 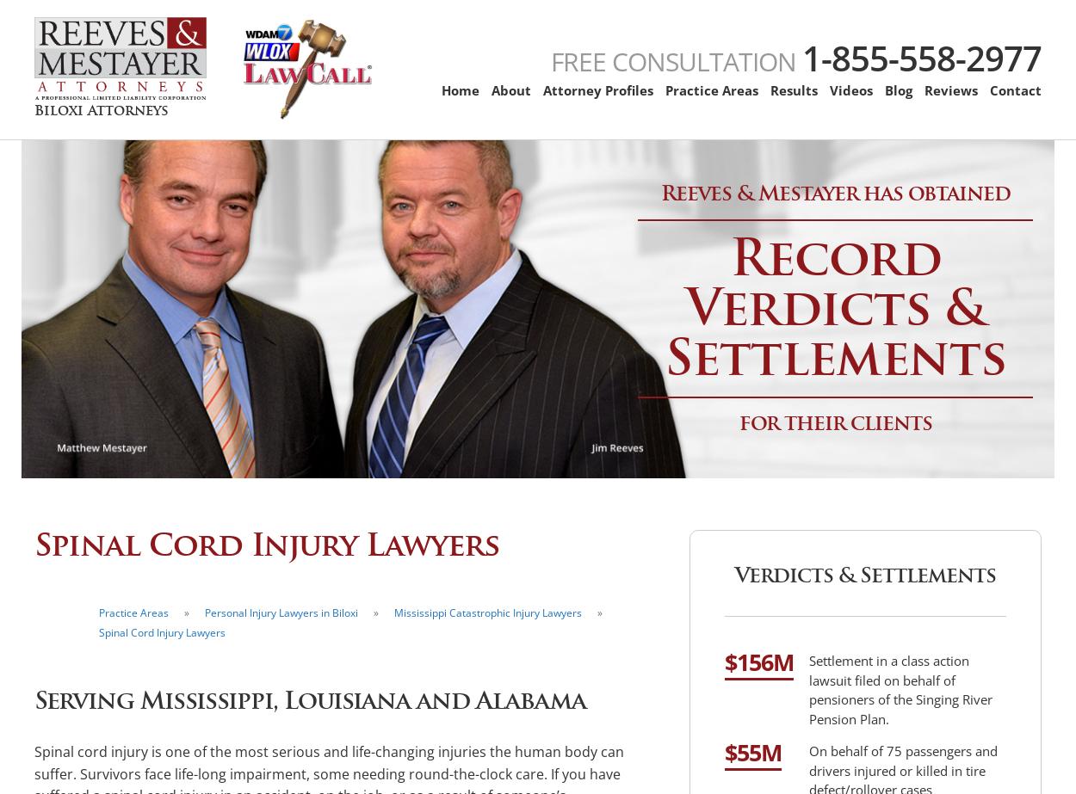 I want to click on 'Results', so click(x=794, y=90).